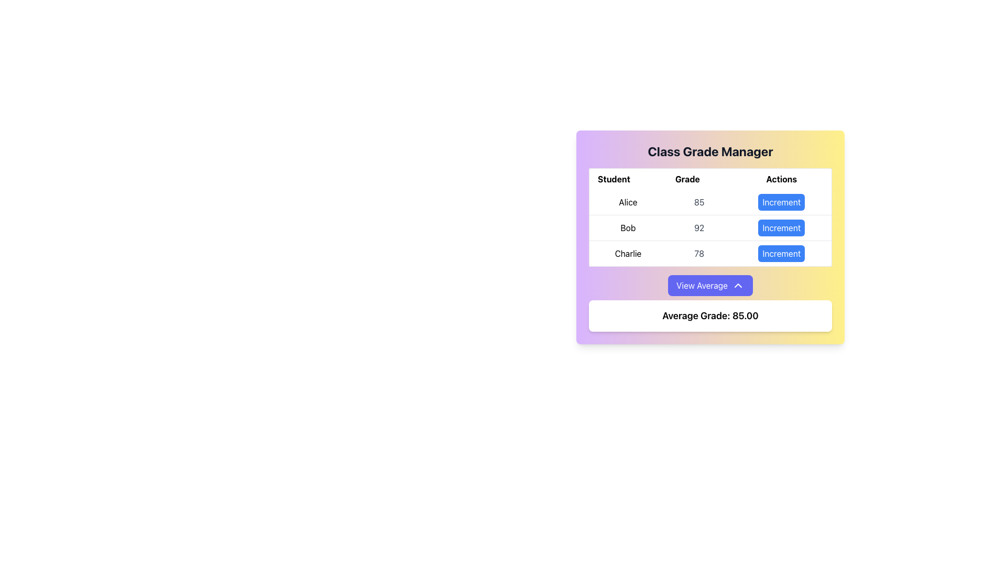 The image size is (1006, 566). Describe the element at coordinates (782, 202) in the screenshot. I see `the 'Increment' button with a blue background and white text, located in the 'Actions' column corresponding to the row labeled 'Alice'` at that location.